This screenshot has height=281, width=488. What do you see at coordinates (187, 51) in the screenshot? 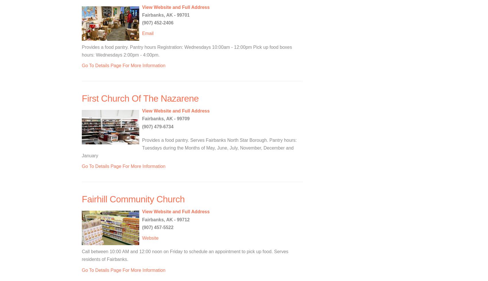
I see `'Provides a food pantry.  Pantry hours Registration: Wednesdays 10:00am - 12:00pm Pick up food boxes hours: Wednesdays 2:00pm - 4:00pm.'` at bounding box center [187, 51].